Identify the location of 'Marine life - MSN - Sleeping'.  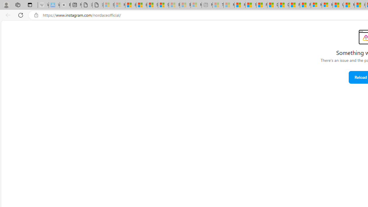
(229, 5).